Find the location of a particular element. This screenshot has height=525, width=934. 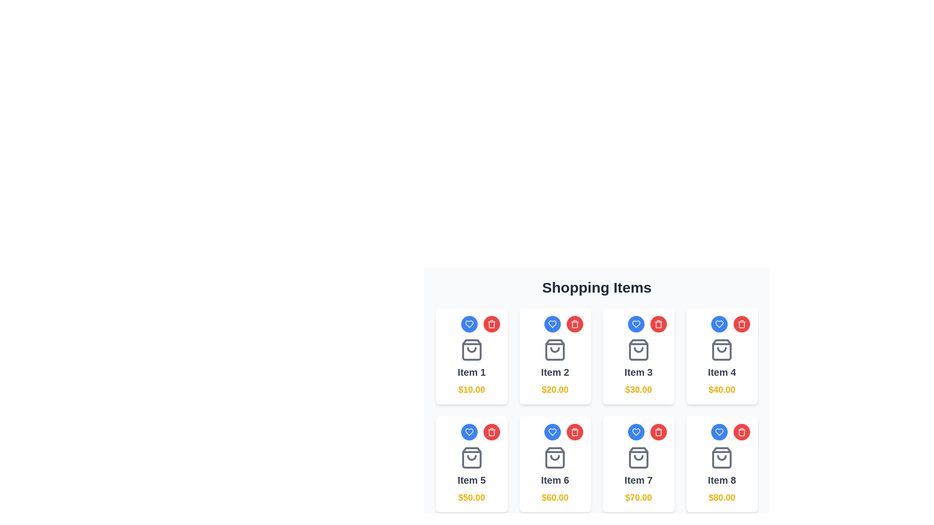

the 'Item 5' text label element, which is styled with a bold sans-serif font, located in the second row and first column of the visible grid layout, above the price label '$50.00' and below a shopping bag icon is located at coordinates (471, 479).